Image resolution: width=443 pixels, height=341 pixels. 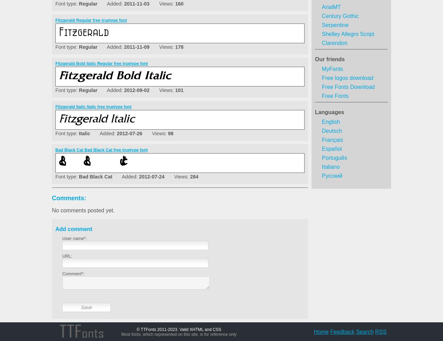 I want to click on 'URL:', so click(x=67, y=256).